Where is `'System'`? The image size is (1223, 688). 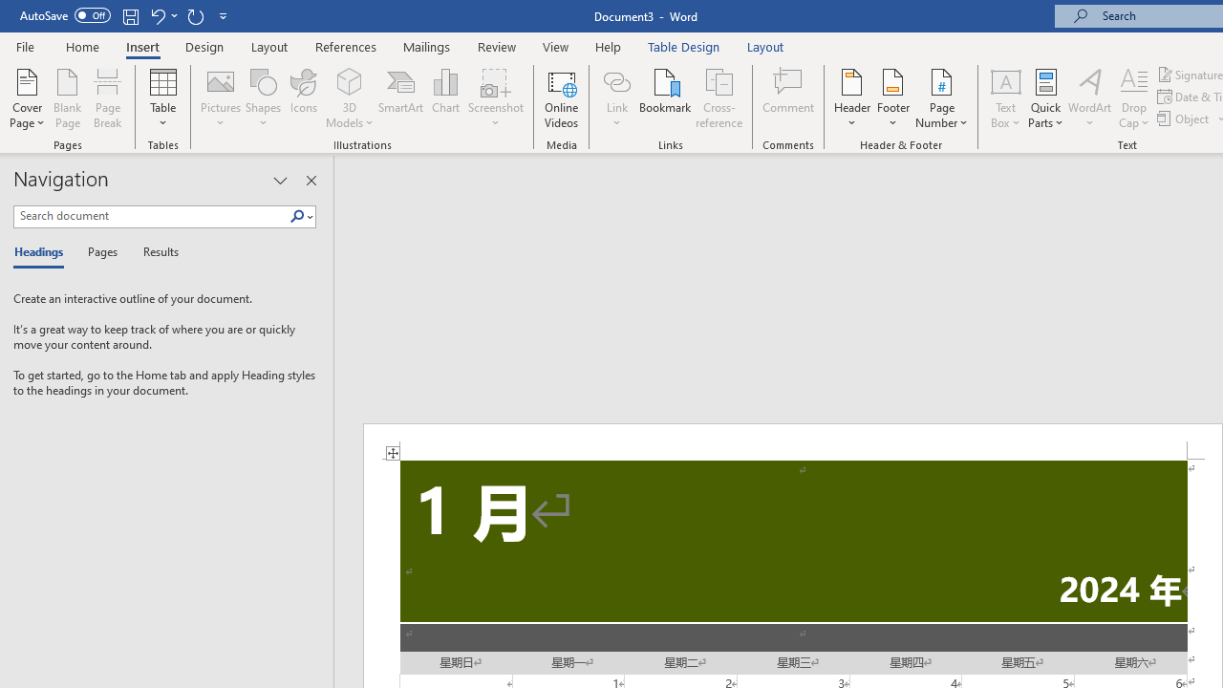
'System' is located at coordinates (10, 11).